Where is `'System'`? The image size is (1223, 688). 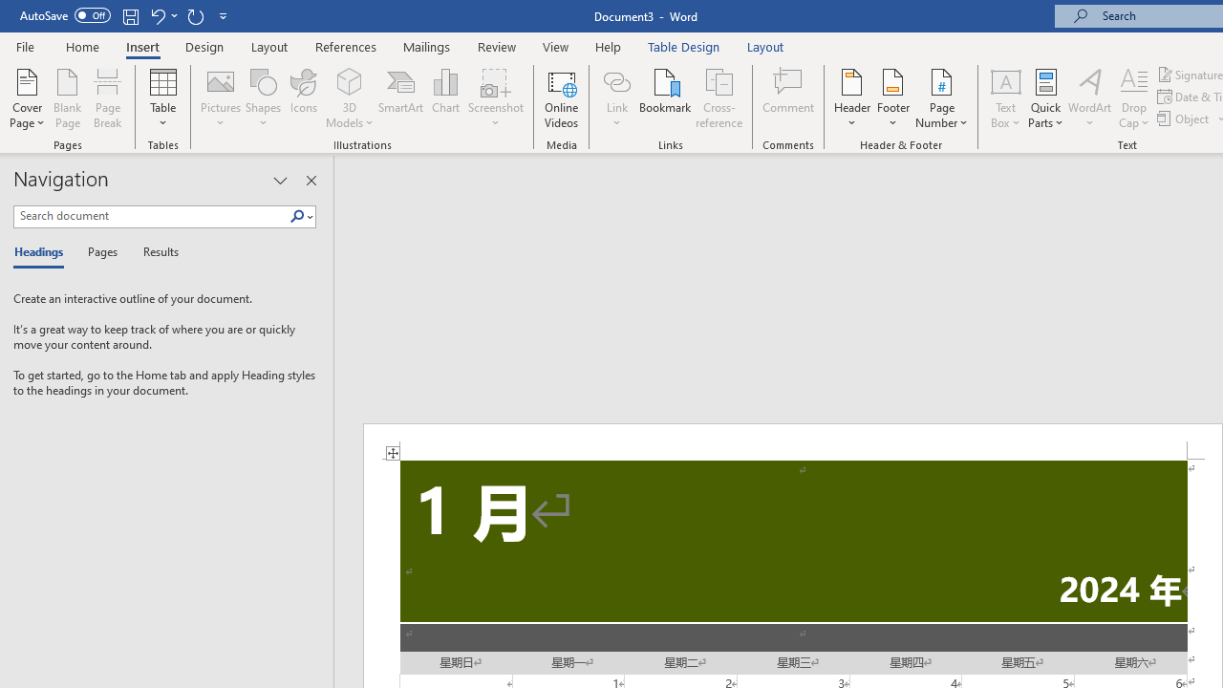
'System' is located at coordinates (10, 11).